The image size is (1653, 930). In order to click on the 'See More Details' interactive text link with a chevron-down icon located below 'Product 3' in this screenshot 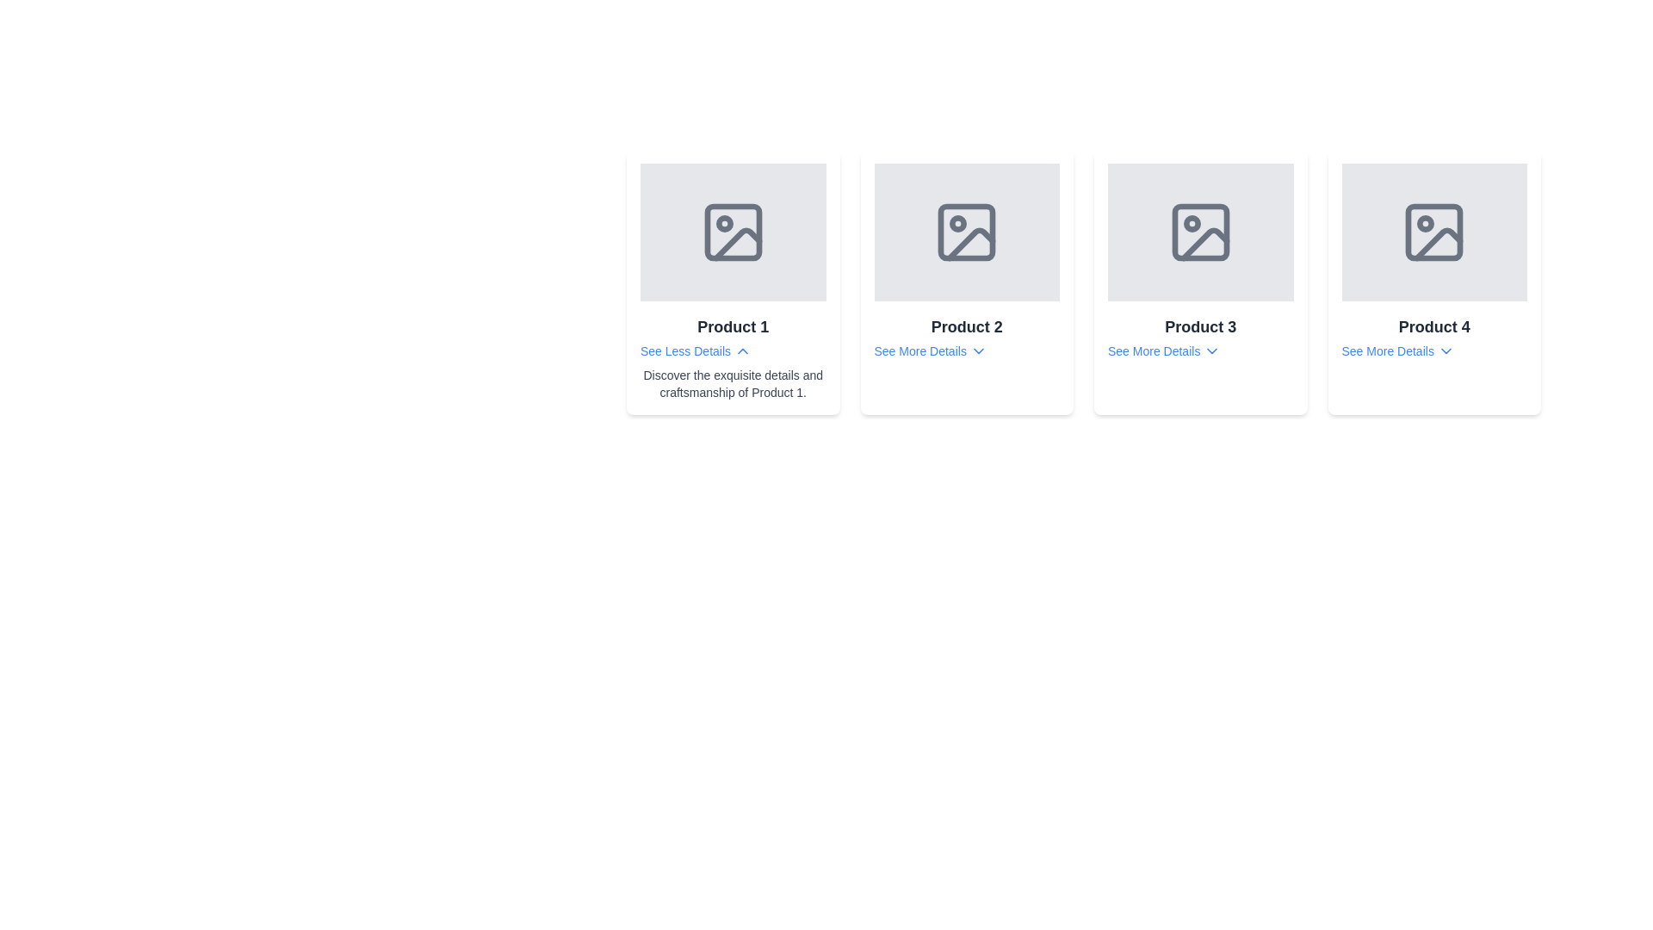, I will do `click(1164, 350)`.